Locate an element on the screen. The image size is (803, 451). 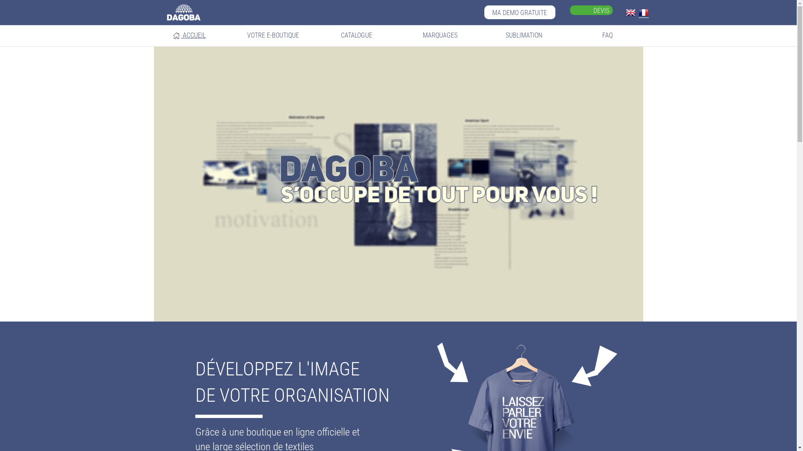
'CATALOGUE' is located at coordinates (356, 35).